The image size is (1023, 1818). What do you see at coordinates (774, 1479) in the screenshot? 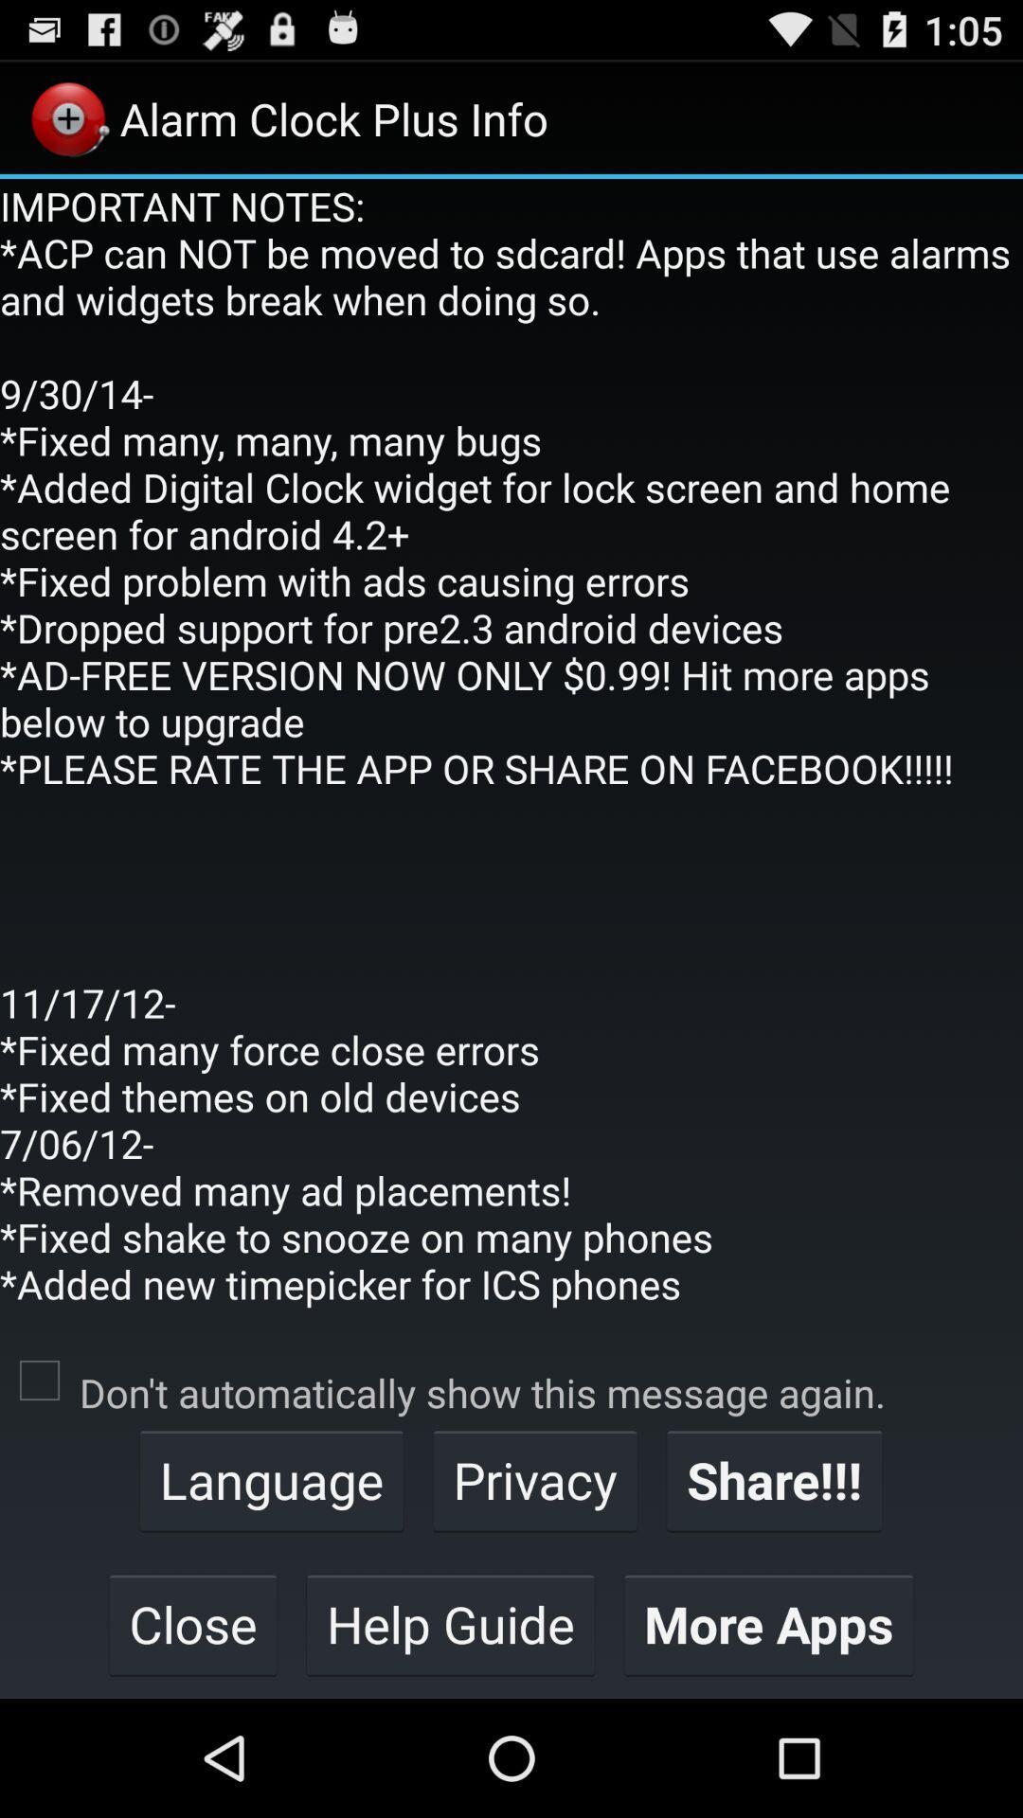
I see `icon below the don t automatically app` at bounding box center [774, 1479].